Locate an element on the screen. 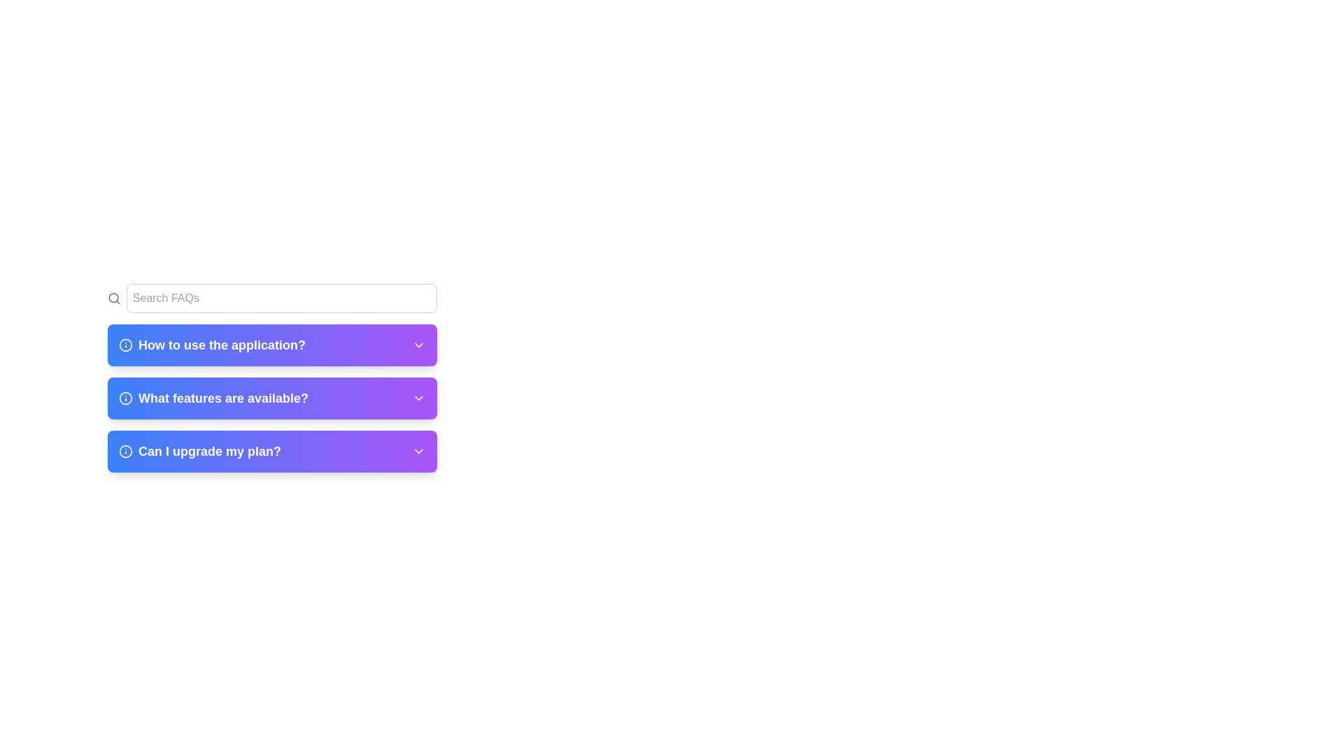 The width and height of the screenshot is (1343, 755). the text label displaying the question related to FAQ, specifically the one under the 'What features are available?' section is located at coordinates (209, 451).